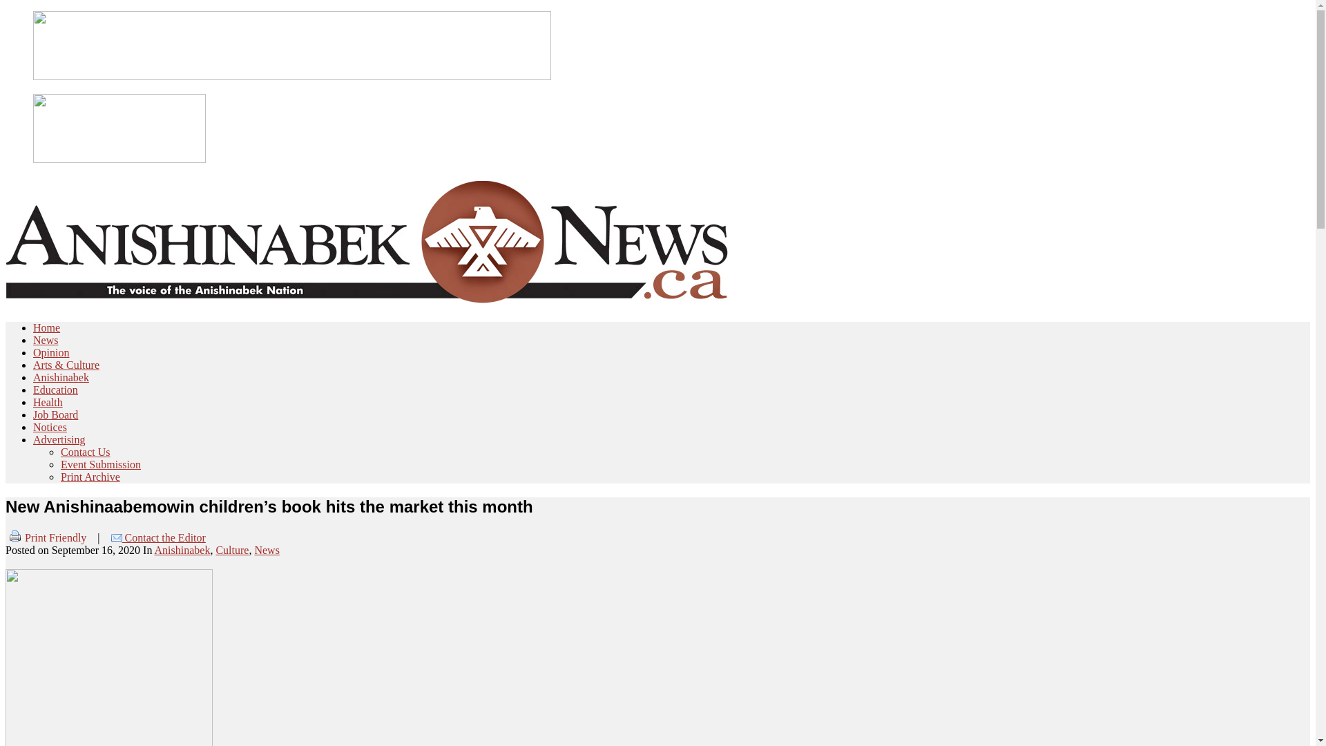 This screenshot has width=1326, height=746. Describe the element at coordinates (158, 537) in the screenshot. I see `' Contact the Editor'` at that location.